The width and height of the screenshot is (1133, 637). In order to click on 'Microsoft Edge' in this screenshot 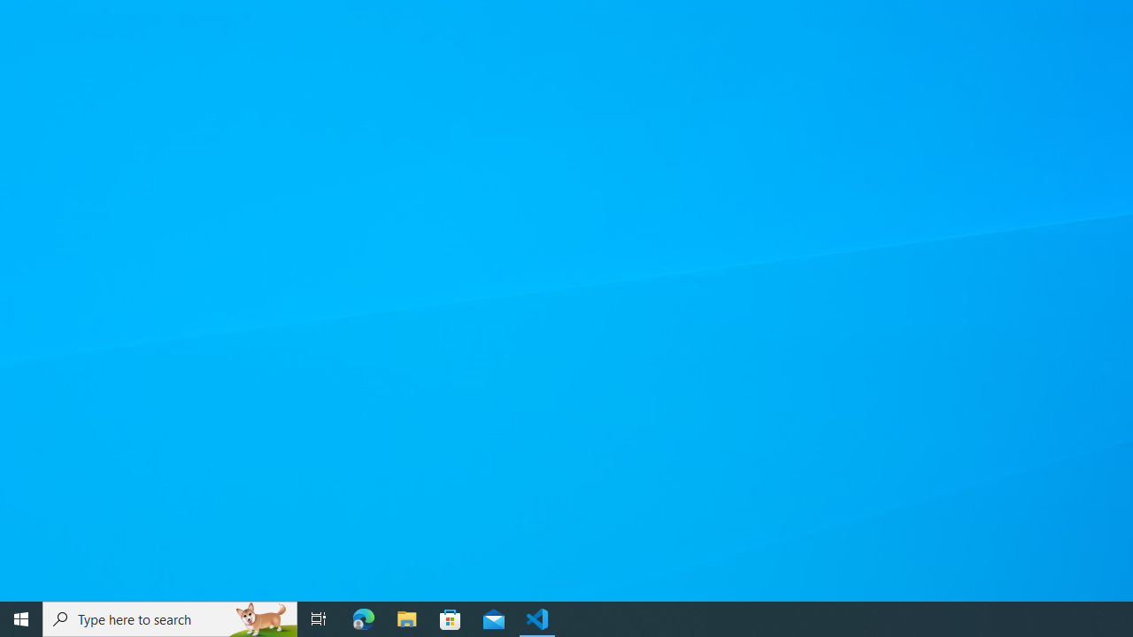, I will do `click(363, 618)`.